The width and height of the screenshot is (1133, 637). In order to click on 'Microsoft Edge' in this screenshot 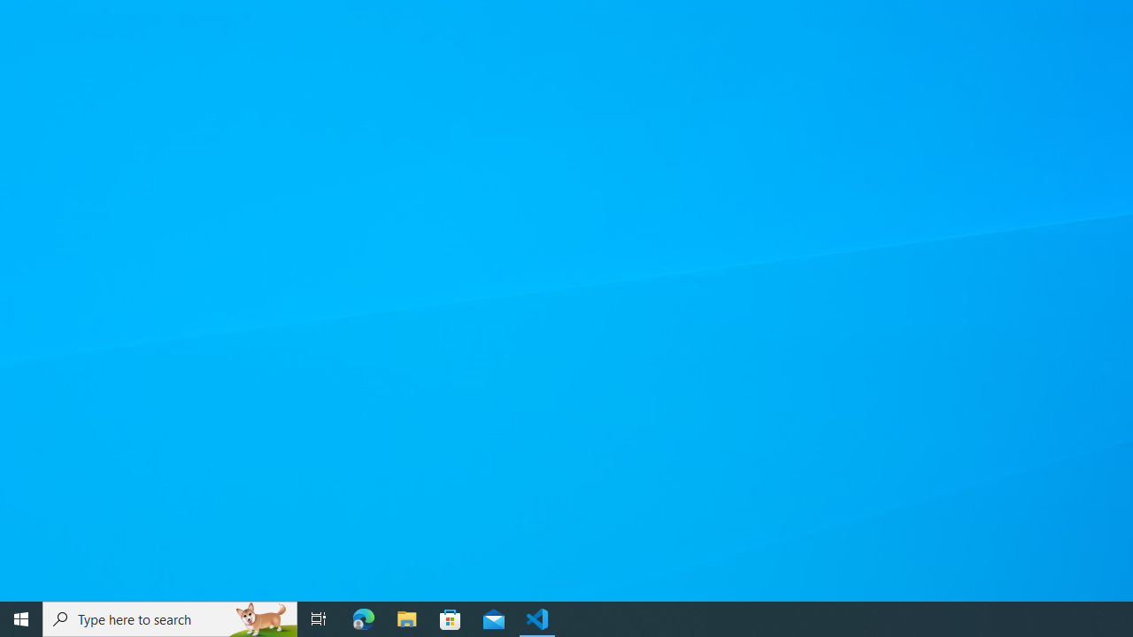, I will do `click(363, 618)`.